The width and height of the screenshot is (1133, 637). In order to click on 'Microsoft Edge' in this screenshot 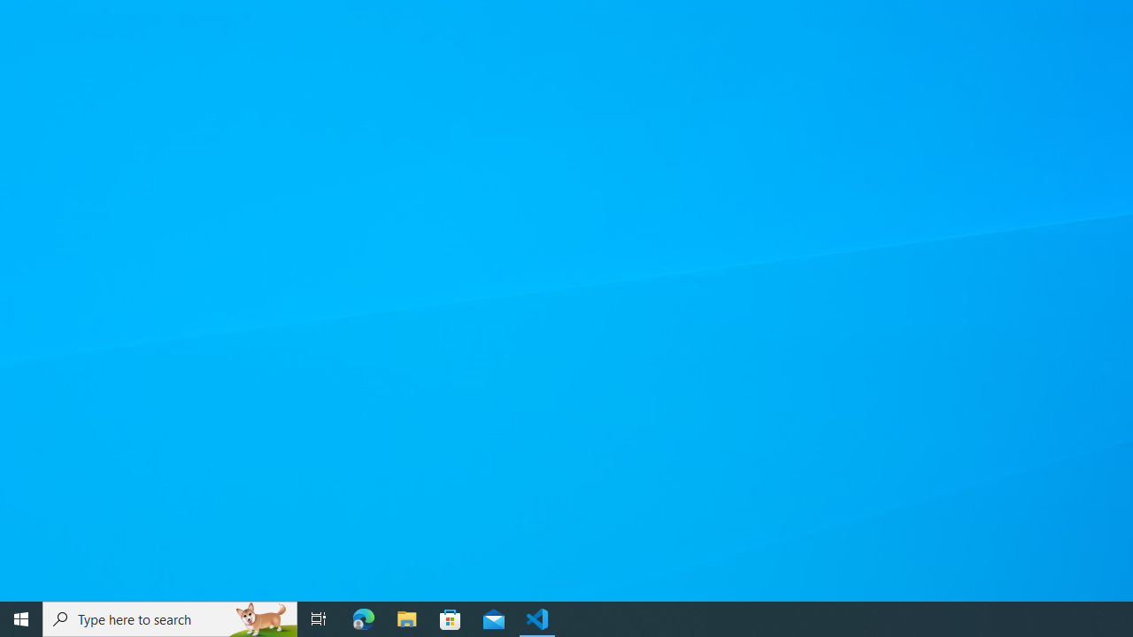, I will do `click(363, 618)`.